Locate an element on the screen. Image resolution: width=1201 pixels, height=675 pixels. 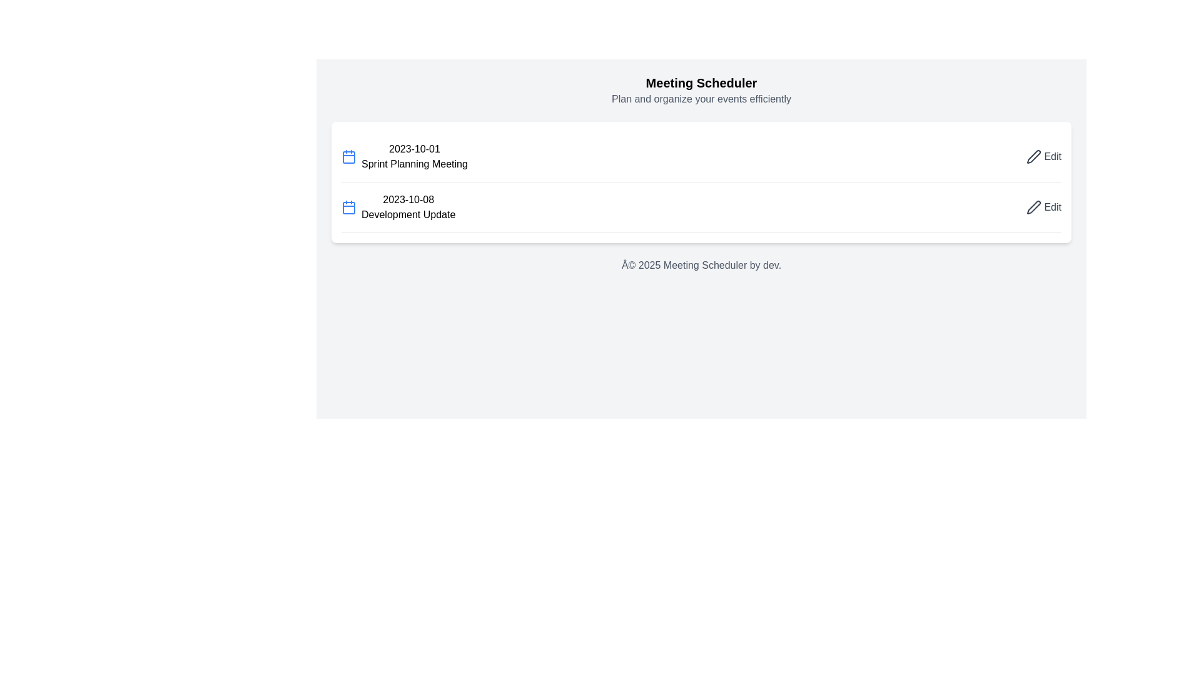
the 'Edit' button styled as a text link with a pen icon, located on the far right of the second content item in the list, to change its color is located at coordinates (1044, 206).